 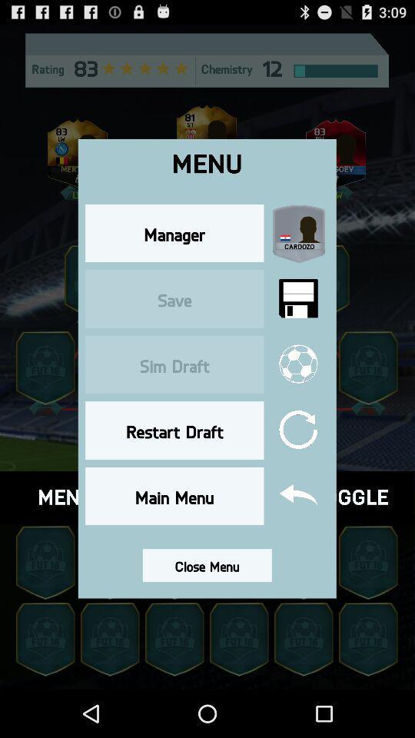 I want to click on the avatar icon, so click(x=45, y=391).